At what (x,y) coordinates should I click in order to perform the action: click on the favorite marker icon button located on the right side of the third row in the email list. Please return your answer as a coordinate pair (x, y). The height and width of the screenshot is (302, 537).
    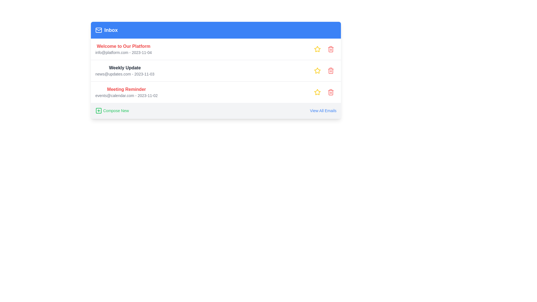
    Looking at the image, I should click on (317, 92).